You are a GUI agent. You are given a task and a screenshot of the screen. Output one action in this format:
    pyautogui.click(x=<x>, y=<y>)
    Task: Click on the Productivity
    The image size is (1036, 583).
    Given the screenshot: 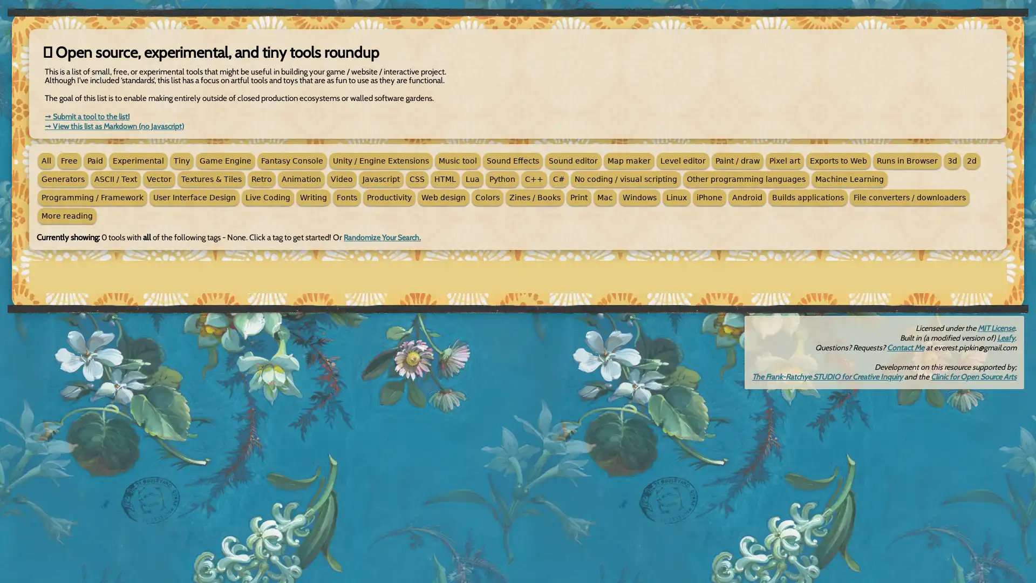 What is the action you would take?
    pyautogui.click(x=388, y=198)
    